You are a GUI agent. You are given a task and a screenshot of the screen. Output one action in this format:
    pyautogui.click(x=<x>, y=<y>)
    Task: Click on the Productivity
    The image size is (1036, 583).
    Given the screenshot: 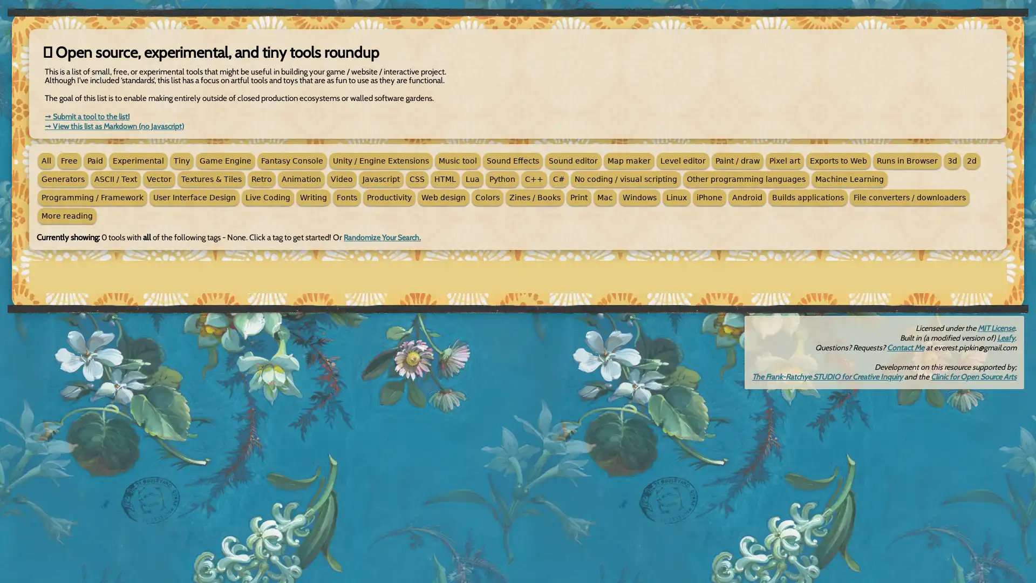 What is the action you would take?
    pyautogui.click(x=388, y=198)
    